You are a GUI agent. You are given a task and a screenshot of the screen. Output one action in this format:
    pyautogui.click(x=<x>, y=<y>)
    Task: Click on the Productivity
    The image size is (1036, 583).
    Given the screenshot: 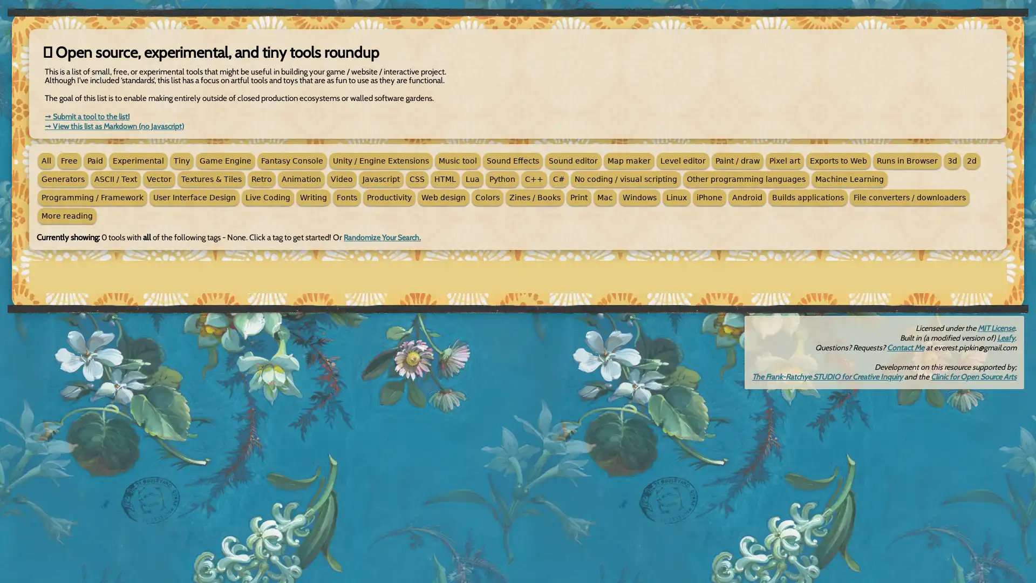 What is the action you would take?
    pyautogui.click(x=388, y=198)
    